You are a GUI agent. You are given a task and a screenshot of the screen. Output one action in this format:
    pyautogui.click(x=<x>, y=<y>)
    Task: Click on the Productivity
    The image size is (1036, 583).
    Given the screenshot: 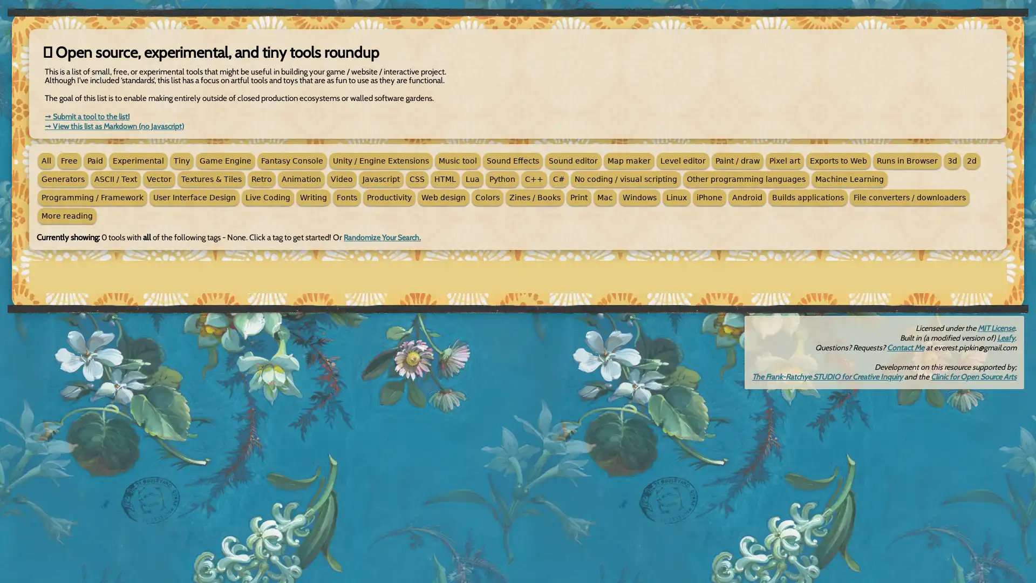 What is the action you would take?
    pyautogui.click(x=388, y=198)
    